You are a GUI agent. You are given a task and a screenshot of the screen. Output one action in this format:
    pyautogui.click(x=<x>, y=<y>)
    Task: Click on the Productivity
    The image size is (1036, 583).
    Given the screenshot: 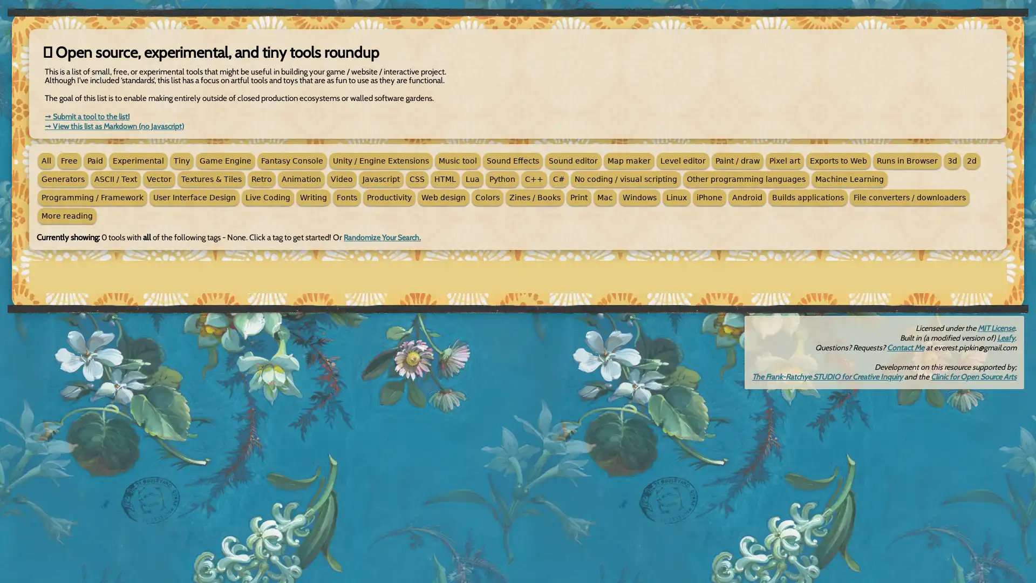 What is the action you would take?
    pyautogui.click(x=388, y=198)
    